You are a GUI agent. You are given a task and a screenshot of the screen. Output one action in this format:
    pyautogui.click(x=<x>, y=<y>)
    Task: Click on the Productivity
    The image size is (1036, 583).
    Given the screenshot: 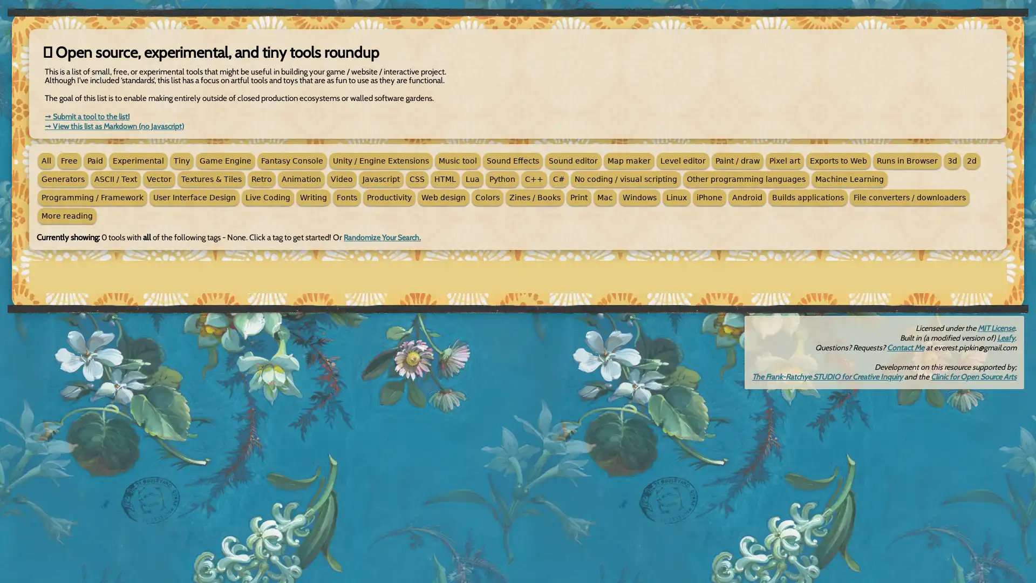 What is the action you would take?
    pyautogui.click(x=388, y=198)
    